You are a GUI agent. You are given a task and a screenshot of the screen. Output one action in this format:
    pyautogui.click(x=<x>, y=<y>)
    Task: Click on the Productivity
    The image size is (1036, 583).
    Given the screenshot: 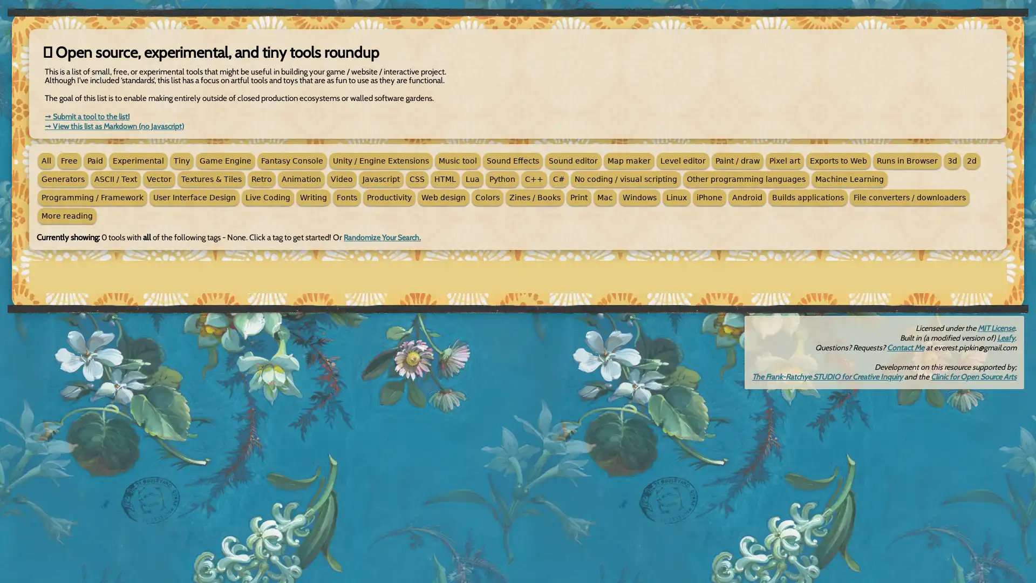 What is the action you would take?
    pyautogui.click(x=388, y=198)
    